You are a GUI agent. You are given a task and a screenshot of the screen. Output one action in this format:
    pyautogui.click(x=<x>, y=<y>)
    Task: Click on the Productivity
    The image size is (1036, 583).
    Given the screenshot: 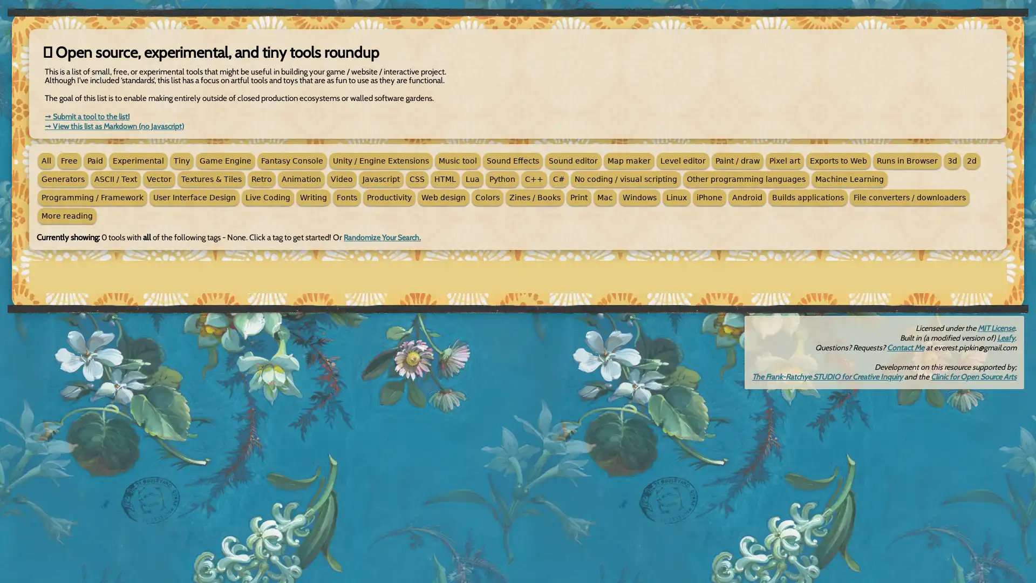 What is the action you would take?
    pyautogui.click(x=388, y=198)
    